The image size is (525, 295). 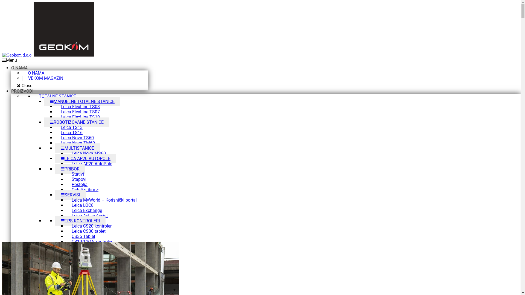 What do you see at coordinates (77, 148) in the screenshot?
I see `'MULTISTANICE'` at bounding box center [77, 148].